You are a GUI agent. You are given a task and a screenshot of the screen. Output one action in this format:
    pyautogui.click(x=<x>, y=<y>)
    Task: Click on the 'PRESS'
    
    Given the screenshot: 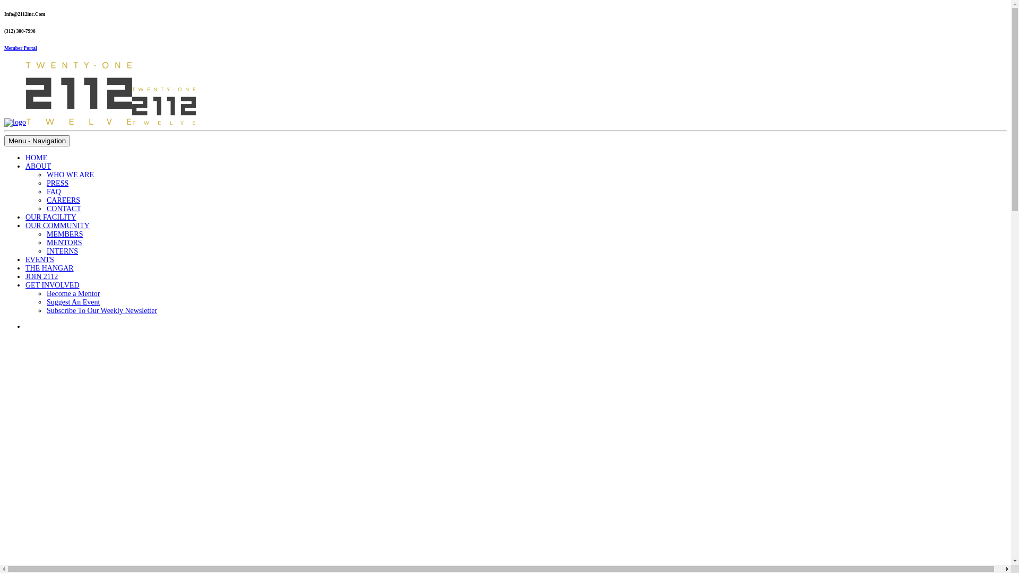 What is the action you would take?
    pyautogui.click(x=46, y=183)
    